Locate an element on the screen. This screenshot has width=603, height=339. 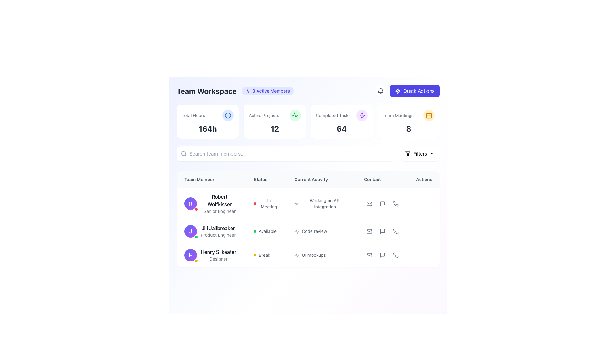
the 'Current Activity' text element for 'Jill Jailbreaker' in the second row of the team members table is located at coordinates (308, 227).